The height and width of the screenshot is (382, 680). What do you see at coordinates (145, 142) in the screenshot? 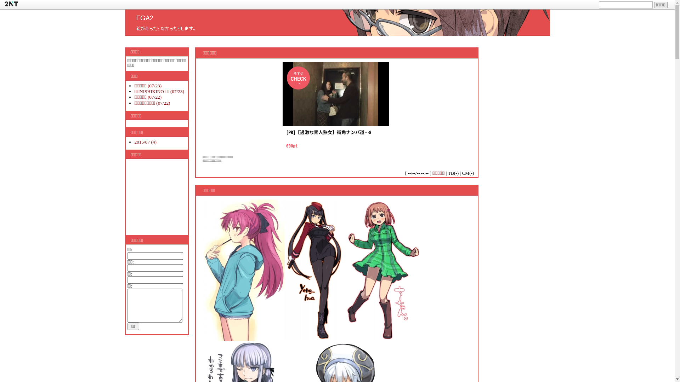
I see `'2015/07 (4)'` at bounding box center [145, 142].